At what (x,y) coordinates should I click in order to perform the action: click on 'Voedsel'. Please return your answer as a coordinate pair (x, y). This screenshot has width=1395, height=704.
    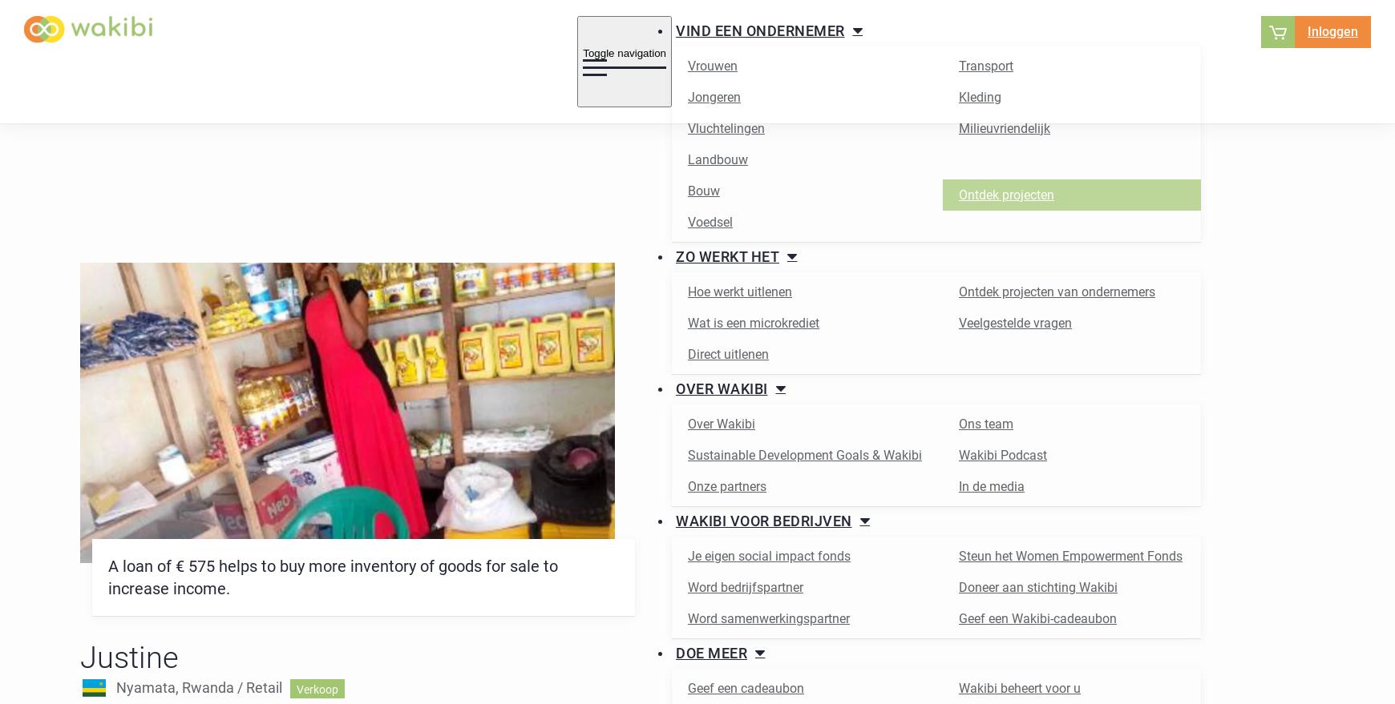
    Looking at the image, I should click on (710, 221).